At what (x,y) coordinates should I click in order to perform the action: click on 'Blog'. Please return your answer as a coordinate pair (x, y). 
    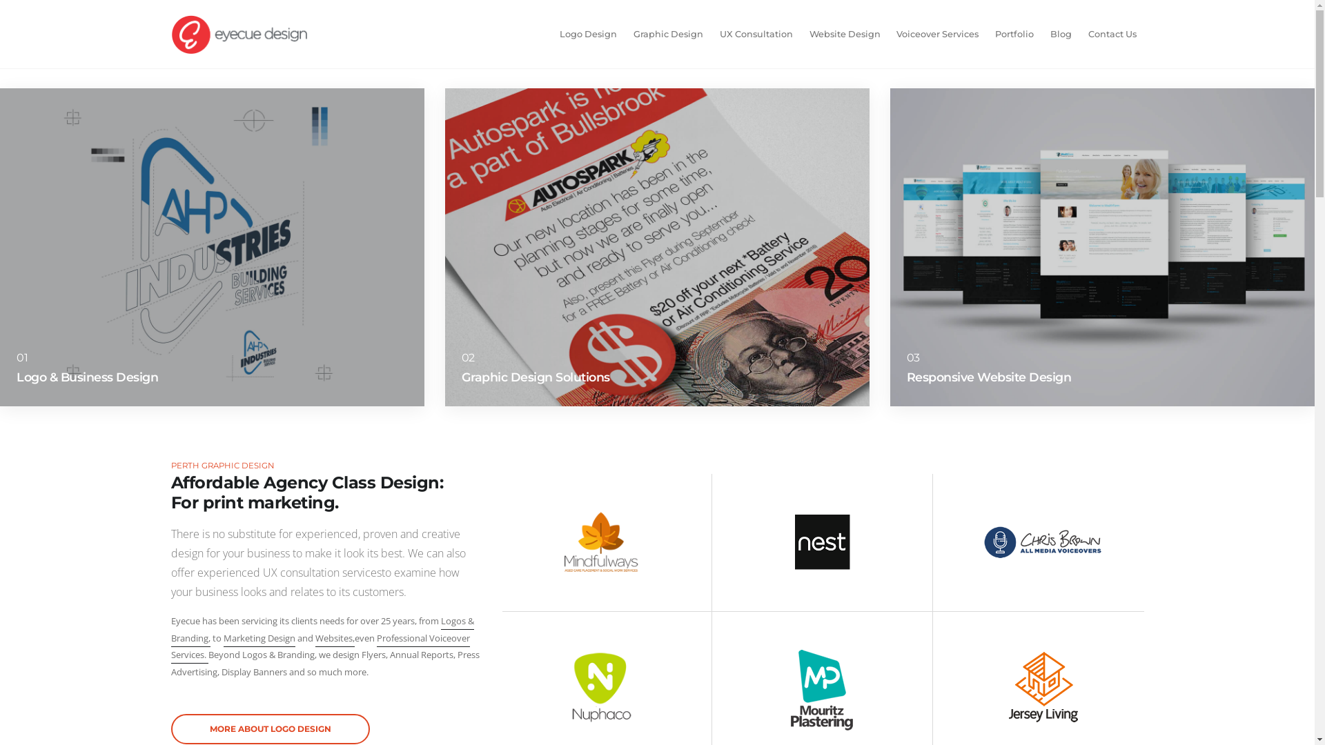
    Looking at the image, I should click on (1060, 34).